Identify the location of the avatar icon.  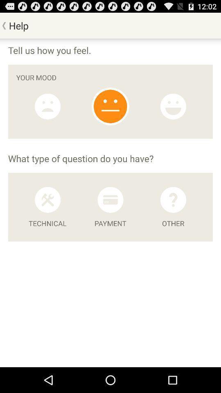
(47, 113).